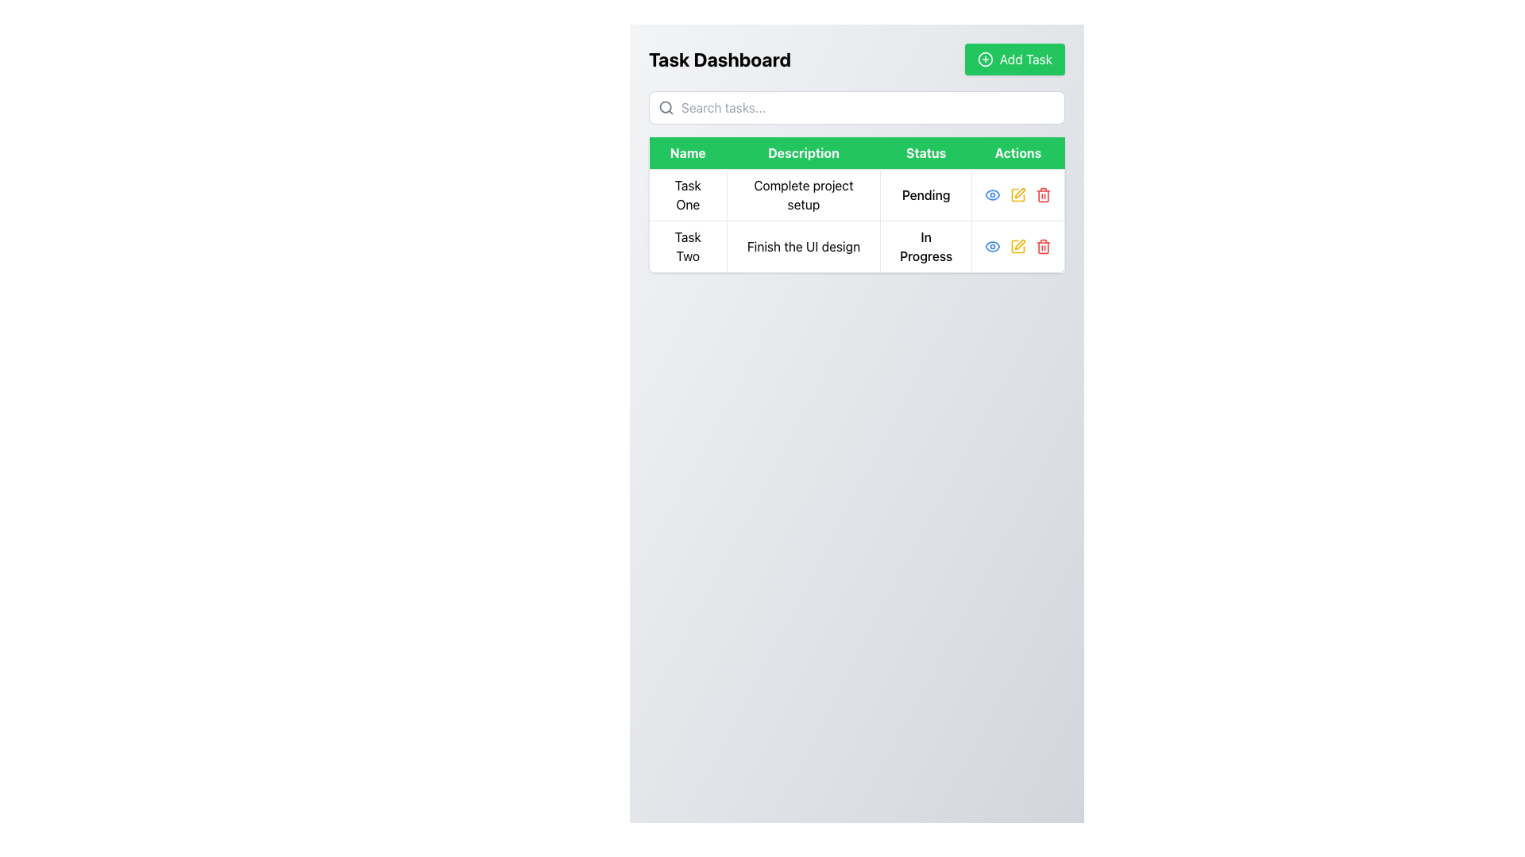 The width and height of the screenshot is (1525, 857). Describe the element at coordinates (991, 194) in the screenshot. I see `the first interactive icon in the 'Actions' column of the second row, adjacent to the 'Pending' status` at that location.